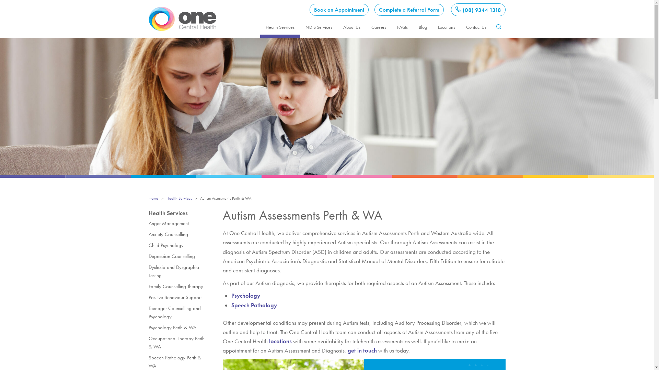  Describe the element at coordinates (178, 234) in the screenshot. I see `'Anxiety Counselling'` at that location.